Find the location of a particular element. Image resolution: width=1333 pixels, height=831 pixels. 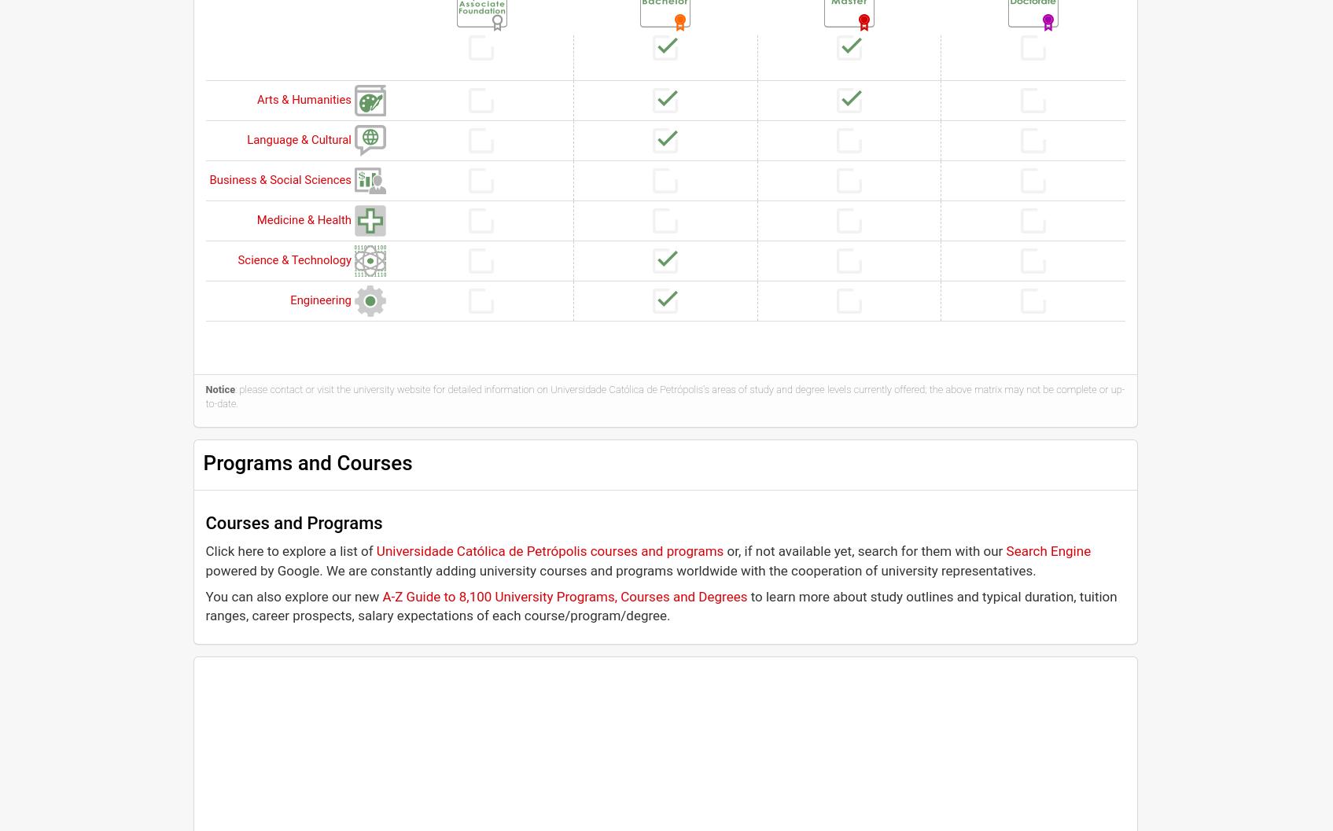

'Science & Technology' is located at coordinates (294, 259).